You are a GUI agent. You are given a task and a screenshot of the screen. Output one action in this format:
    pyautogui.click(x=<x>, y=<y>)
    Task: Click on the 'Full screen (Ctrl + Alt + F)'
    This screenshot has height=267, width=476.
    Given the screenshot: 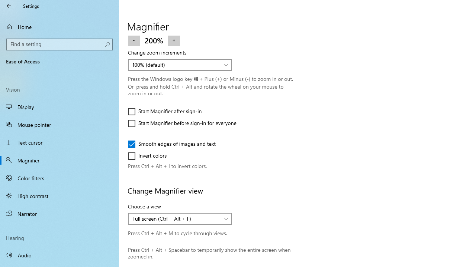 What is the action you would take?
    pyautogui.click(x=176, y=218)
    